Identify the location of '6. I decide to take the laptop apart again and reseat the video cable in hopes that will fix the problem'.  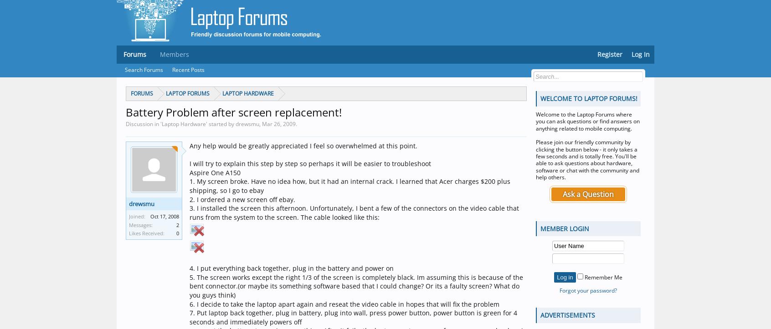
(344, 303).